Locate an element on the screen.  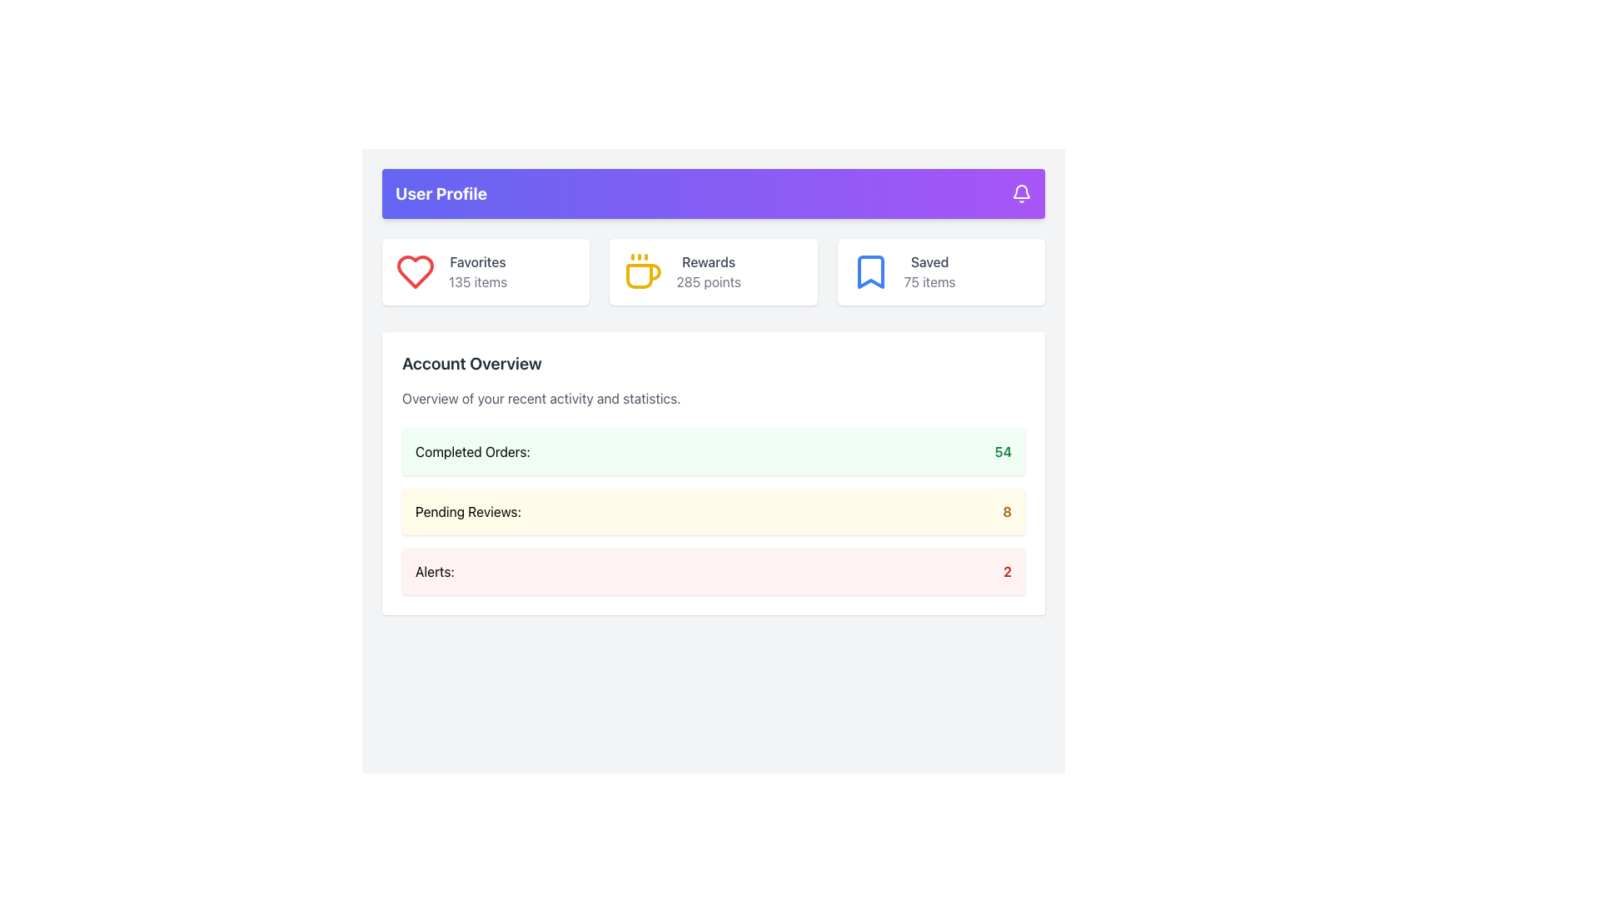
the Text display component that shows 'Favorites' and '135 items', located in the second box beneath the 'User Profile' banner is located at coordinates (477, 271).